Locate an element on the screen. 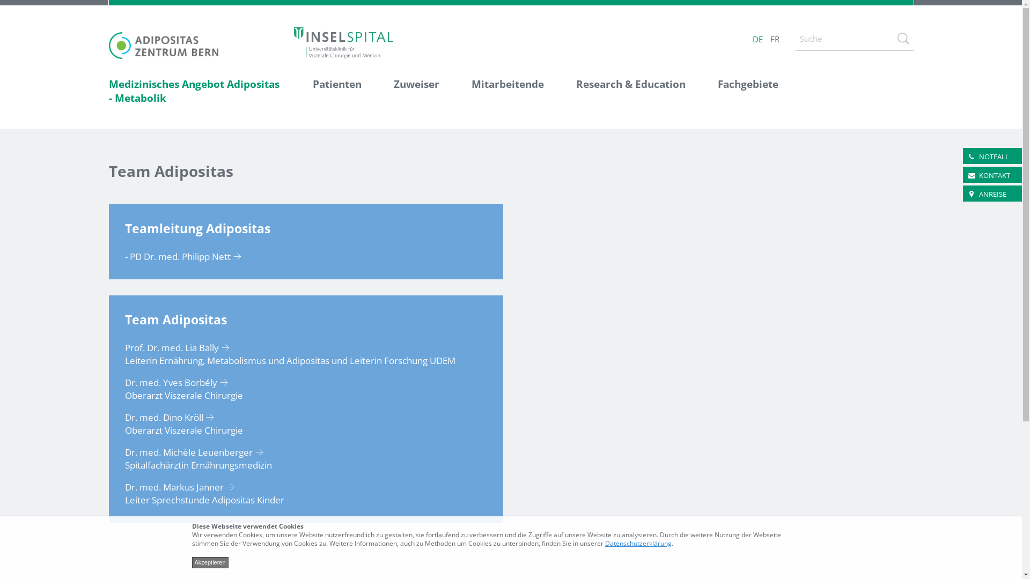 The width and height of the screenshot is (1030, 579). 'Dr. med. Markus Janner' is located at coordinates (182, 487).